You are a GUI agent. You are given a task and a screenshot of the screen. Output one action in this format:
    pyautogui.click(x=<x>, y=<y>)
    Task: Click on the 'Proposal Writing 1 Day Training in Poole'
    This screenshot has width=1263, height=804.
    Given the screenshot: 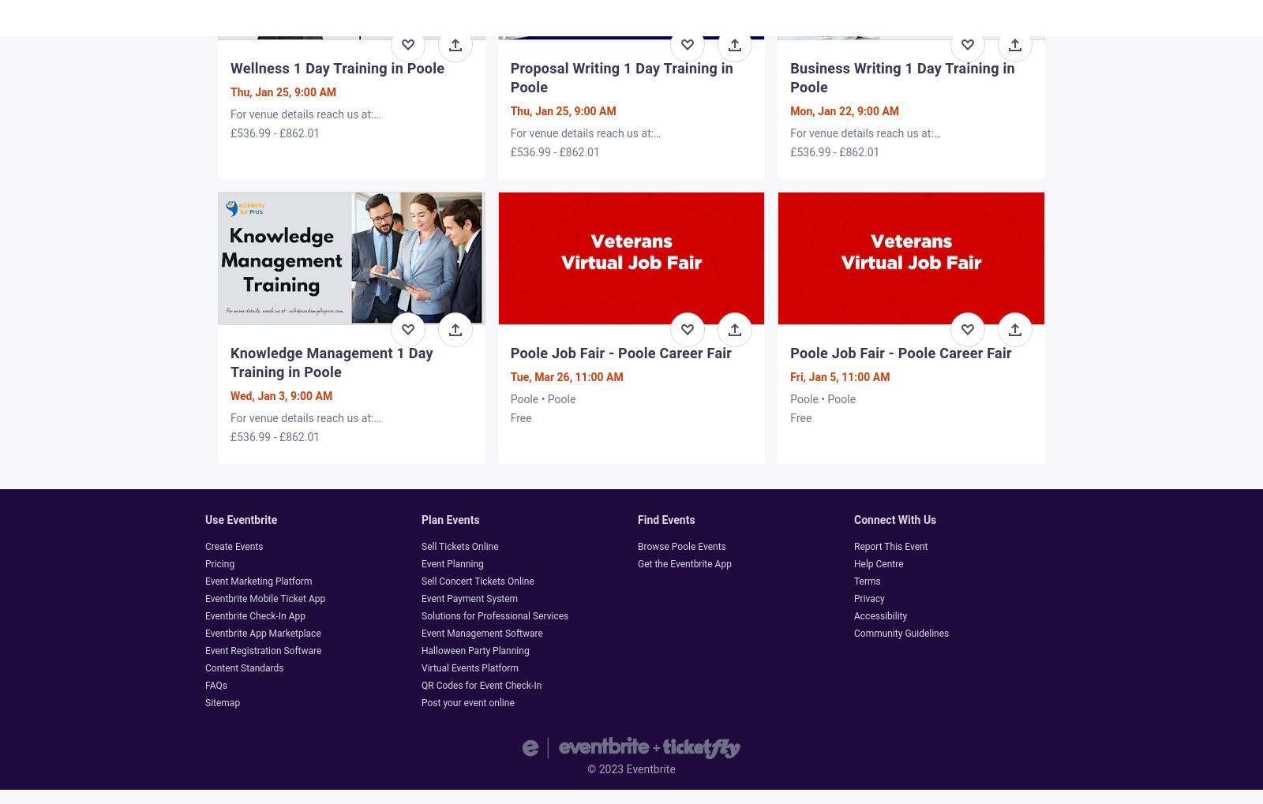 What is the action you would take?
    pyautogui.click(x=621, y=76)
    